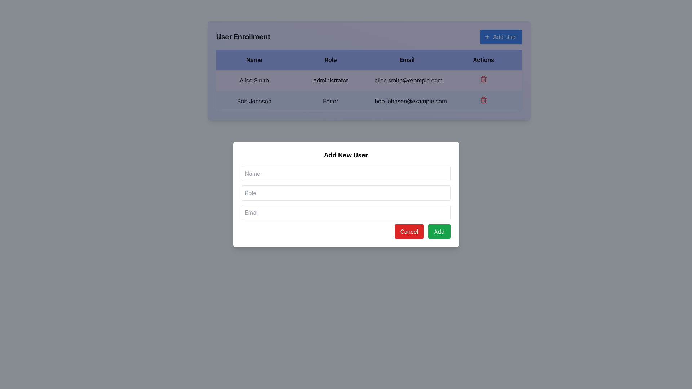 The width and height of the screenshot is (692, 389). Describe the element at coordinates (407, 80) in the screenshot. I see `the static text displaying the email address of Alice Smith, who is listed as an Administrator in the table` at that location.